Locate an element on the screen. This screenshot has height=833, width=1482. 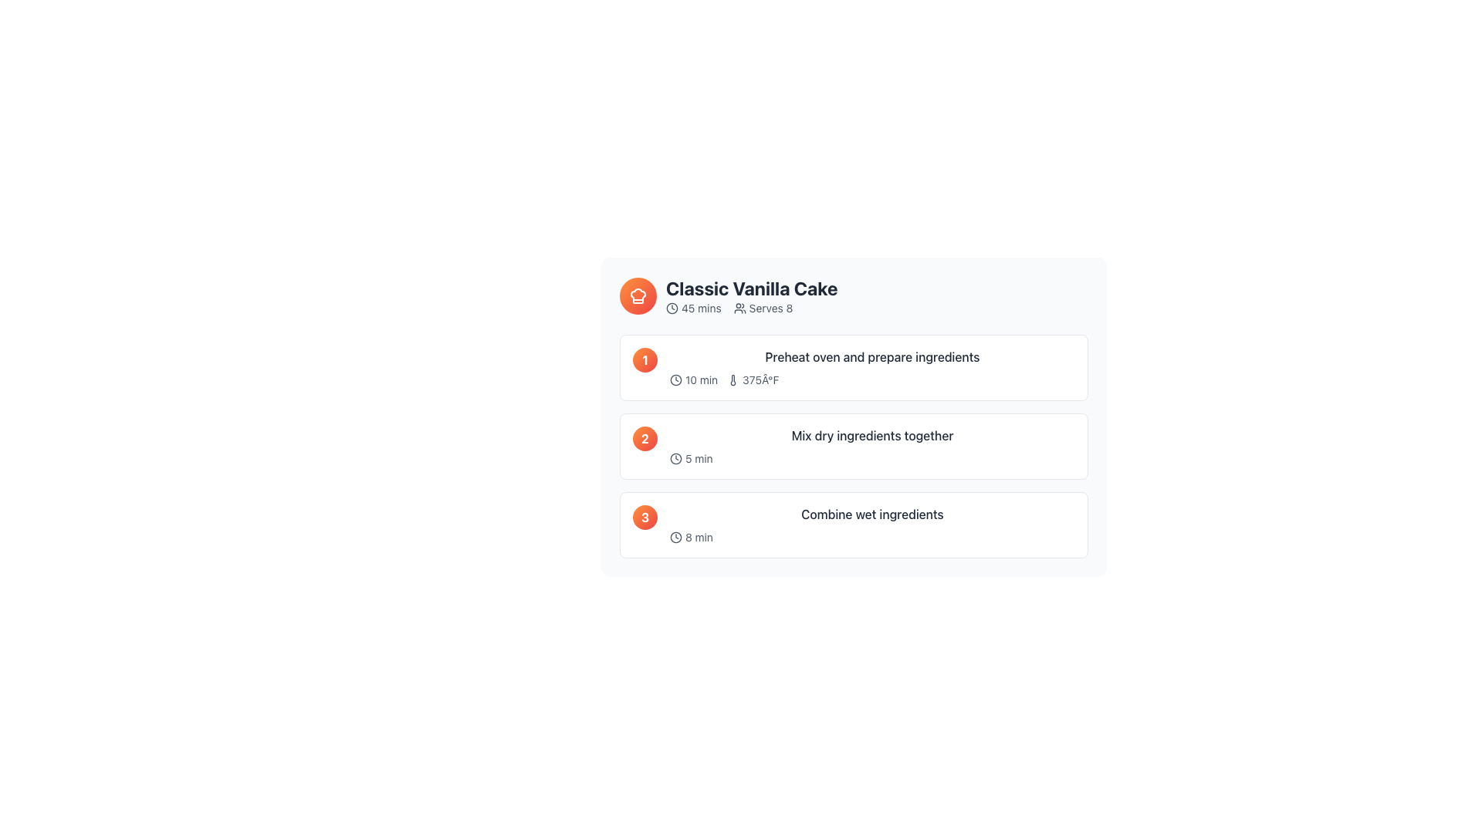
the informational text block that specifies the action 'Combine wet ingredients' and the duration '8 min', located in the third step of the recipe sequence is located at coordinates (872, 524).